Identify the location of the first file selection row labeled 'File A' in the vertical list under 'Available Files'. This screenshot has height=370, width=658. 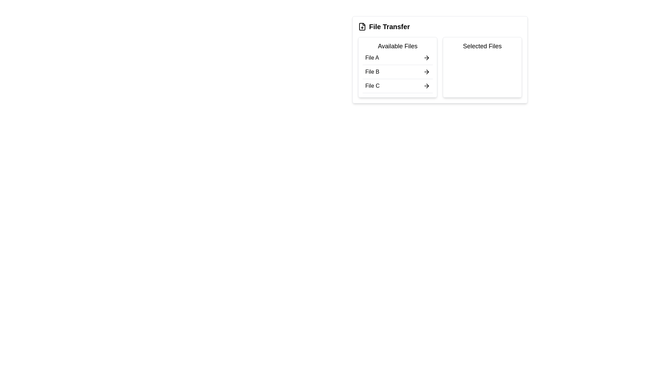
(398, 58).